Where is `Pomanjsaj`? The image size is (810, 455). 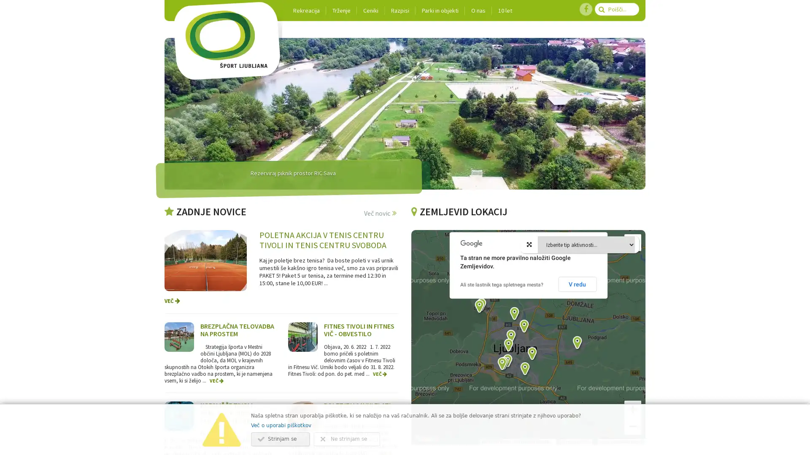
Pomanjsaj is located at coordinates (632, 426).